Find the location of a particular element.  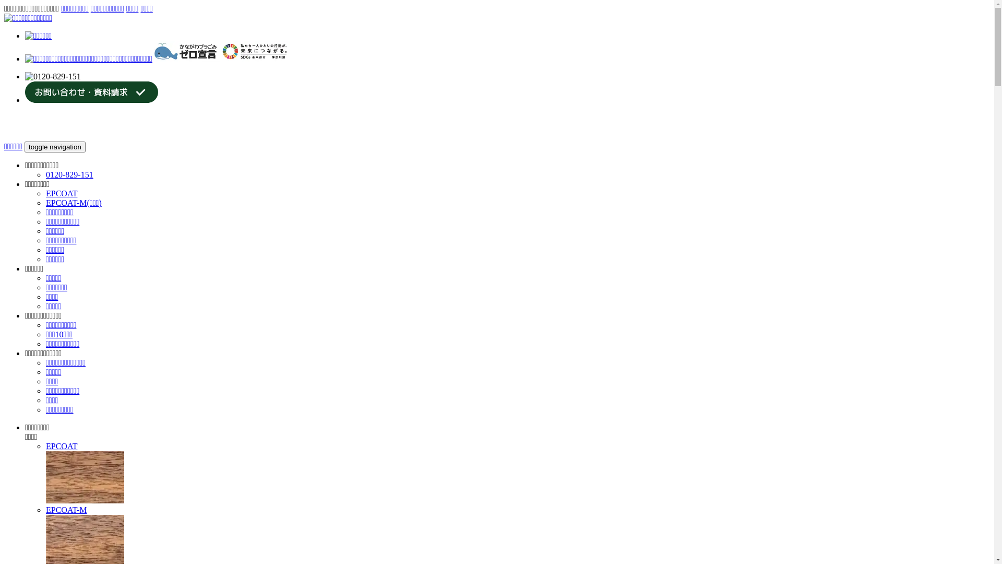

'toggle navigation' is located at coordinates (54, 147).